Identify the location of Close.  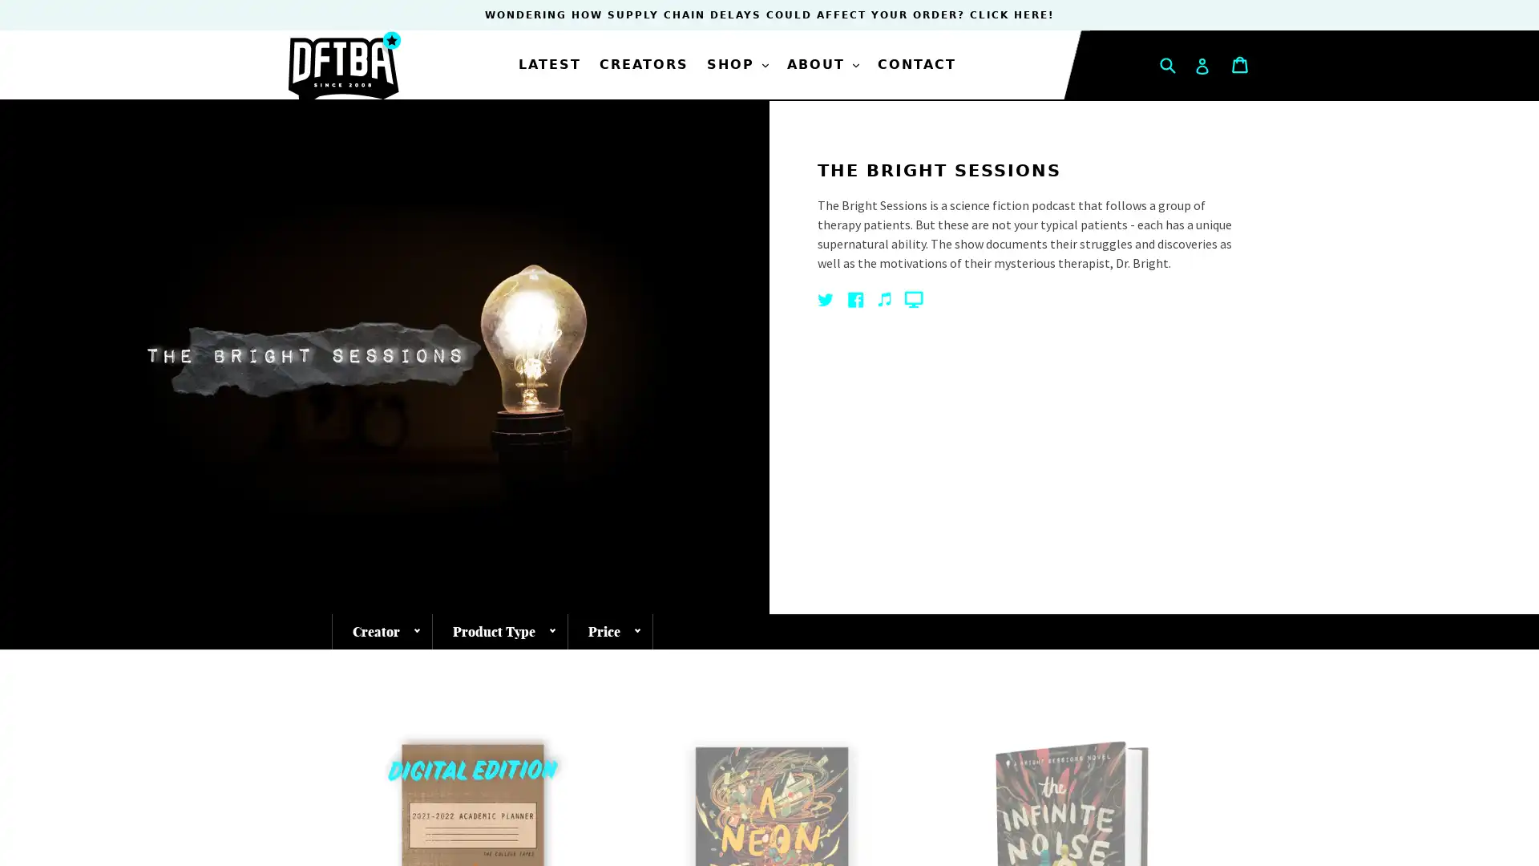
(1003, 244).